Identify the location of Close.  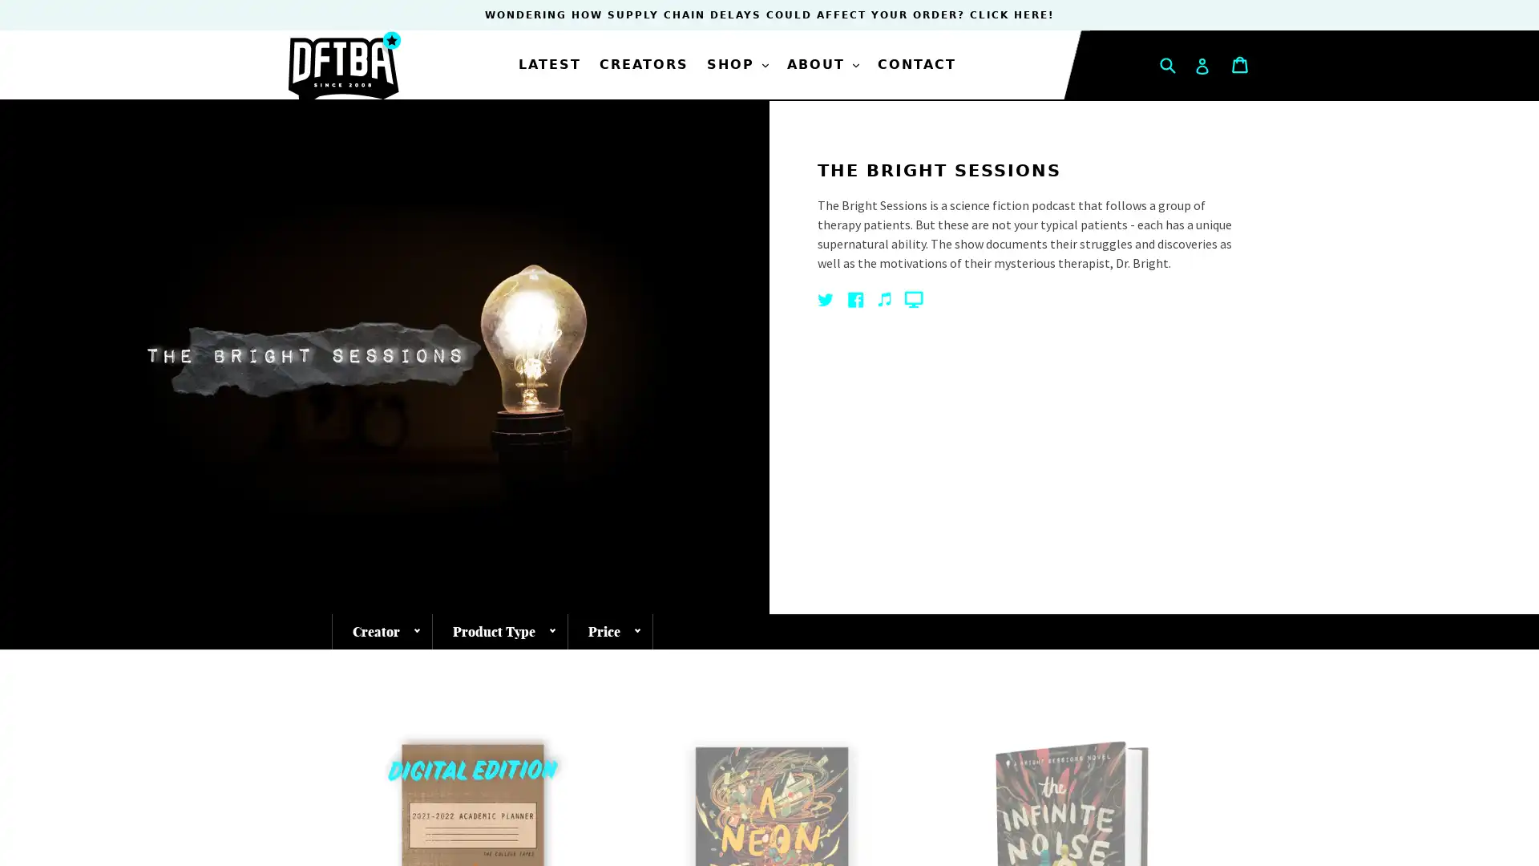
(1003, 244).